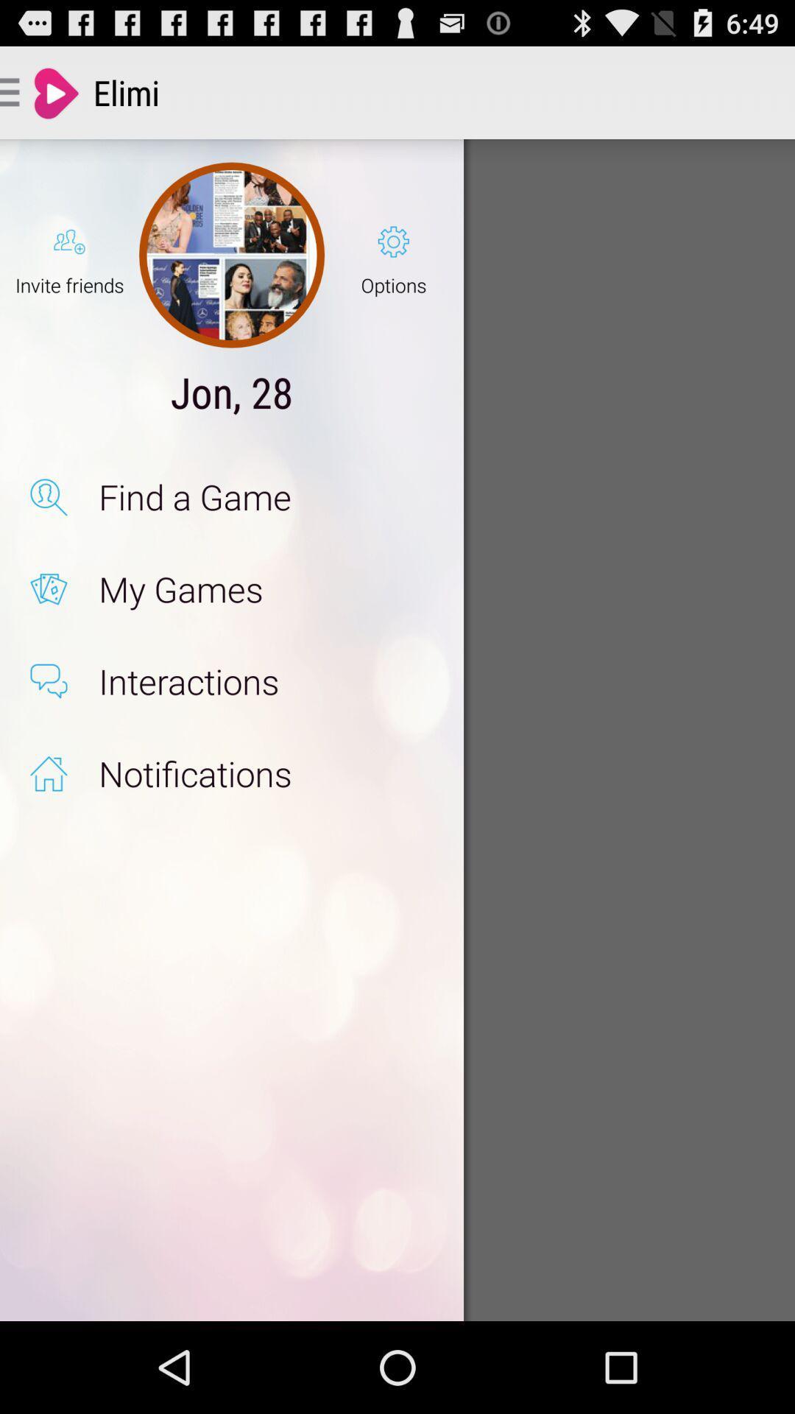 The image size is (795, 1414). What do you see at coordinates (69, 255) in the screenshot?
I see `invite friends item` at bounding box center [69, 255].